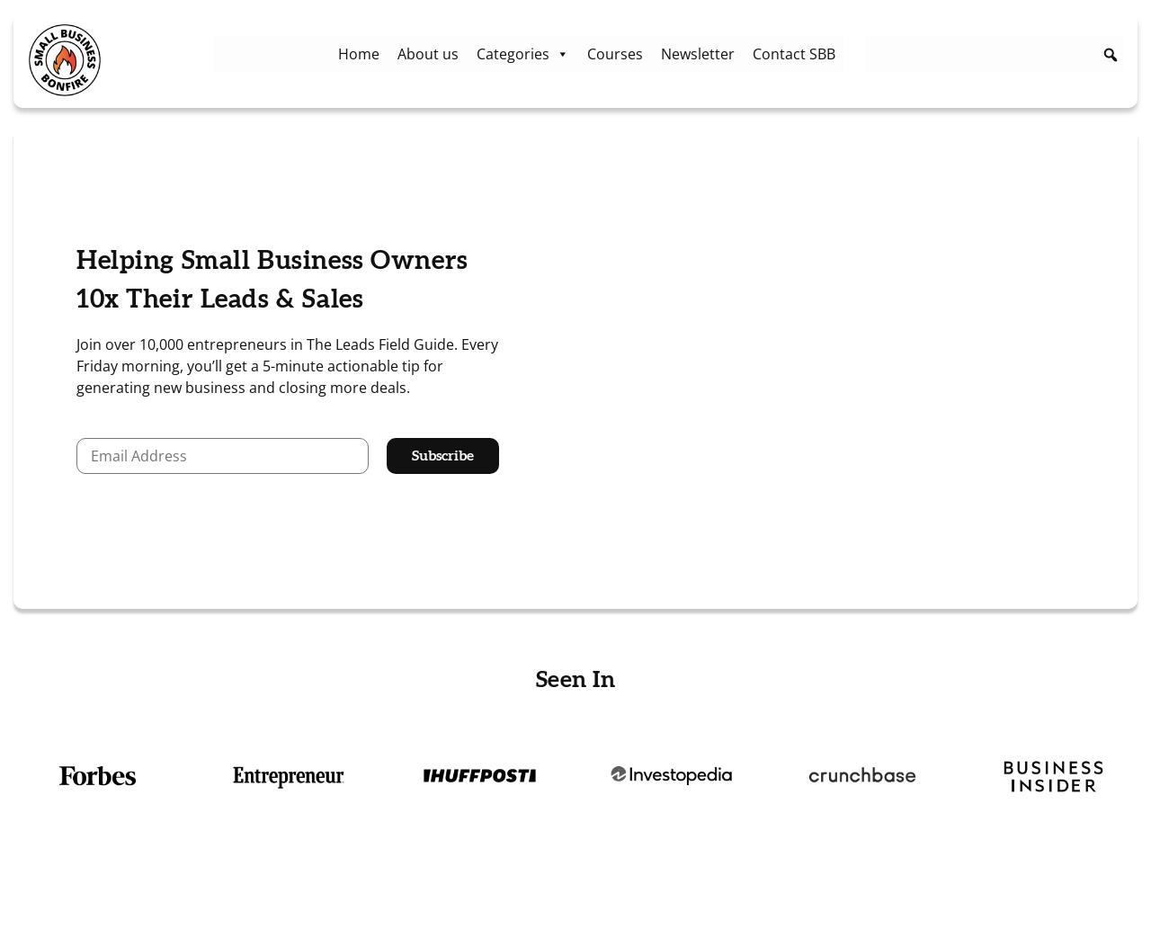 This screenshot has height=929, width=1151. Describe the element at coordinates (286, 366) in the screenshot. I see `'Join over 10,000 entrepreneurs in The Leads Field Guide. Every Friday morning, you’ll get a 5-minute actionable tip for generating new business and closing more deals.'` at that location.